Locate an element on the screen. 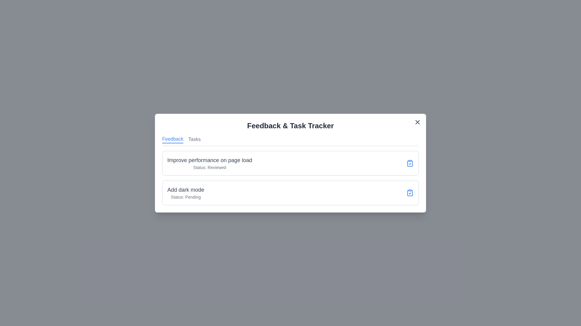  the button located at the far-right edge of the task card titled 'Add dark mode' is located at coordinates (410, 192).